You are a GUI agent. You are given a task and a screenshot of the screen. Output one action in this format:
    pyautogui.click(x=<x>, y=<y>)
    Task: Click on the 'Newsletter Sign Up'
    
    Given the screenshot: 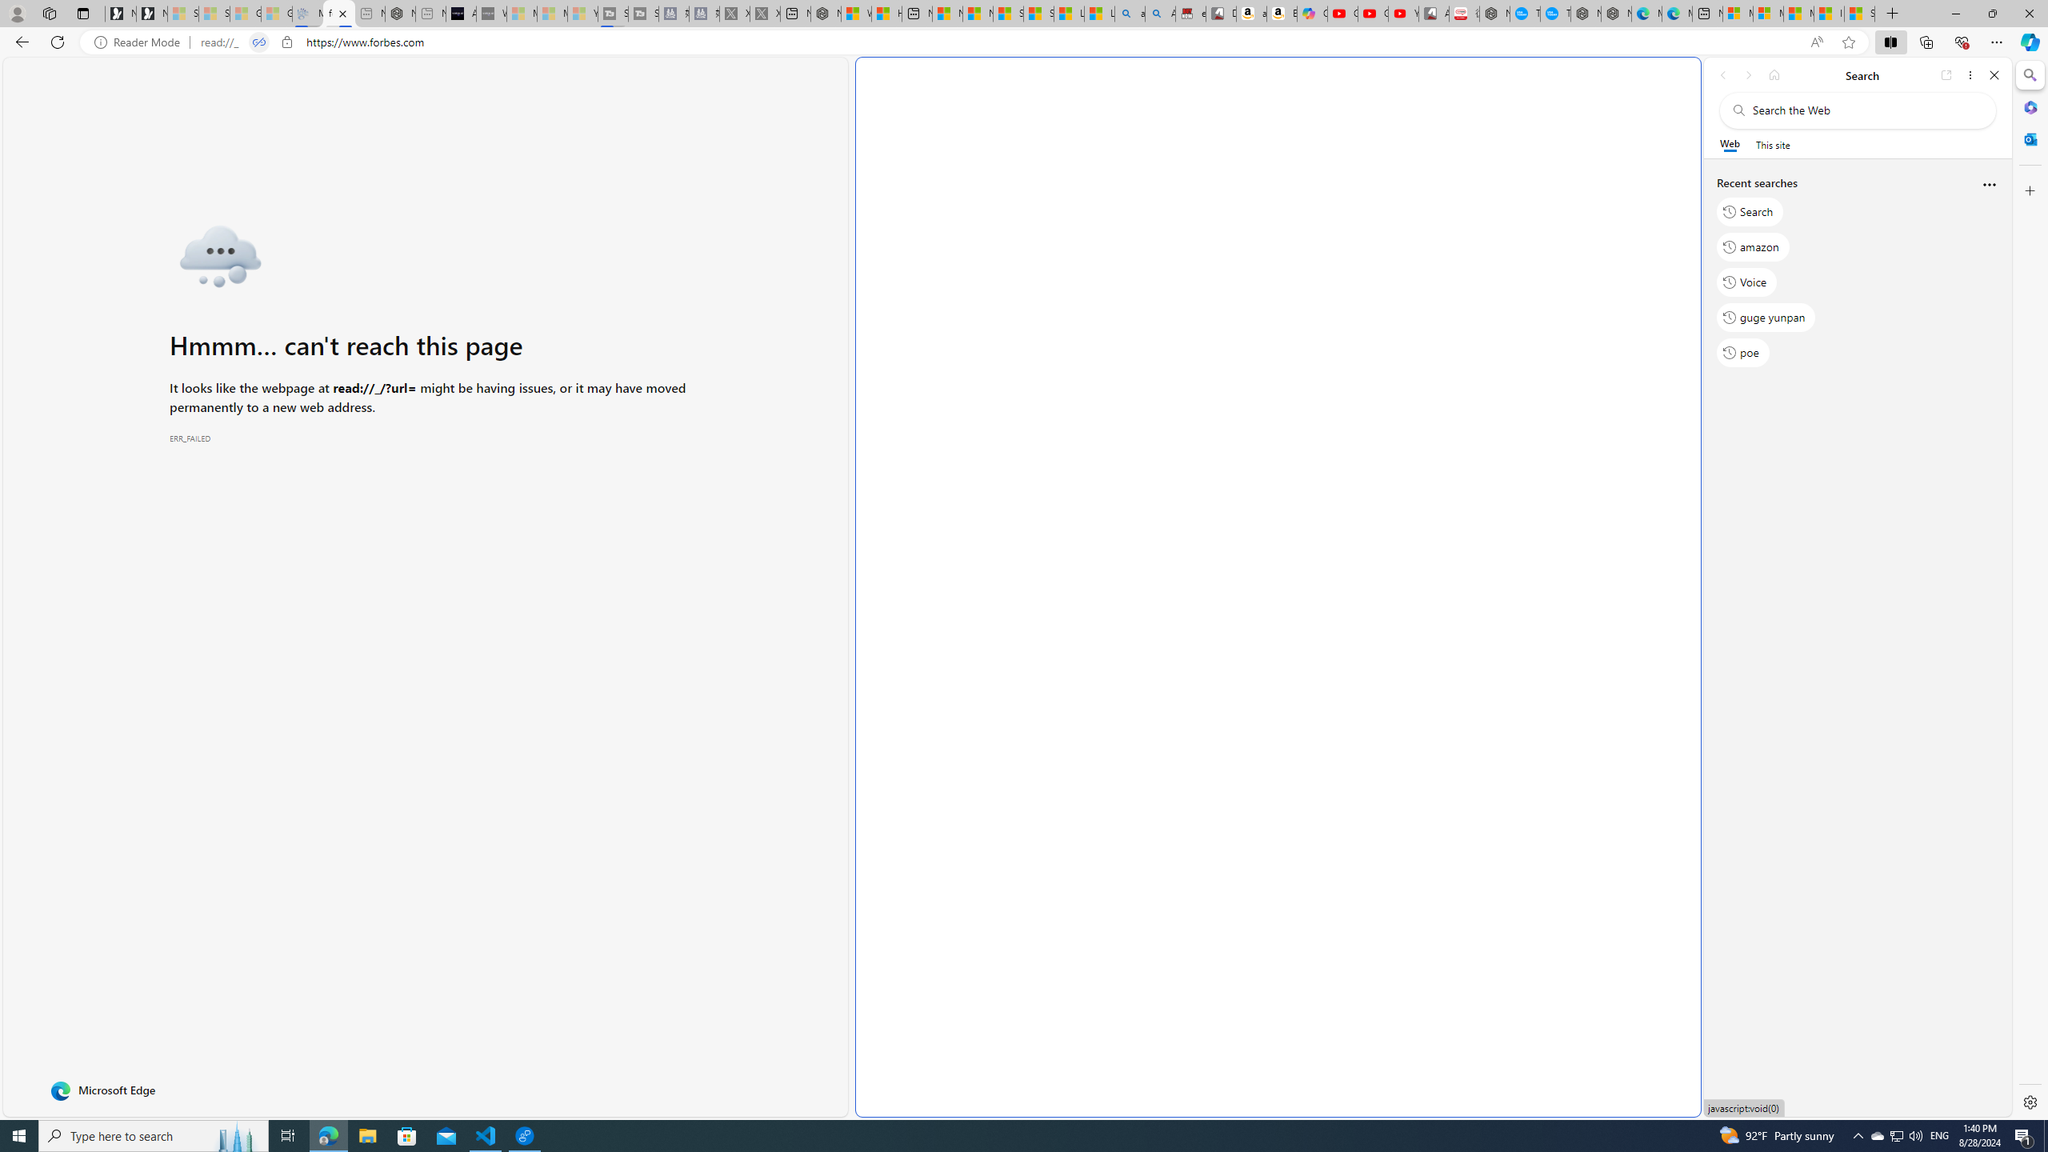 What is the action you would take?
    pyautogui.click(x=150, y=13)
    